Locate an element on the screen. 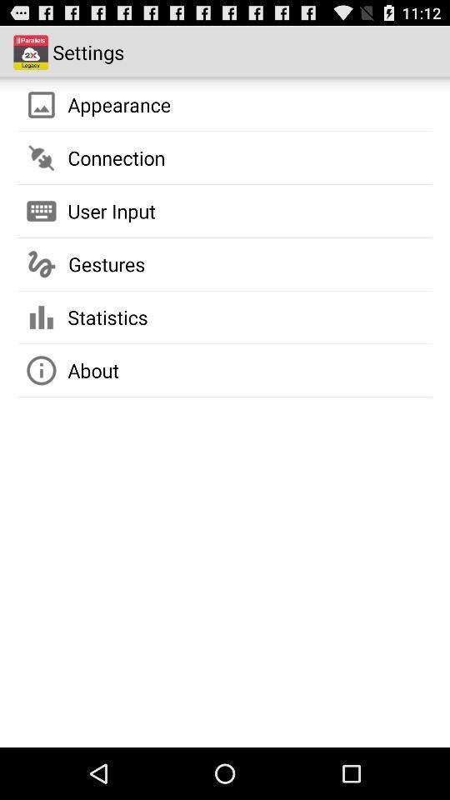 This screenshot has width=450, height=800. app below statistics item is located at coordinates (93, 370).